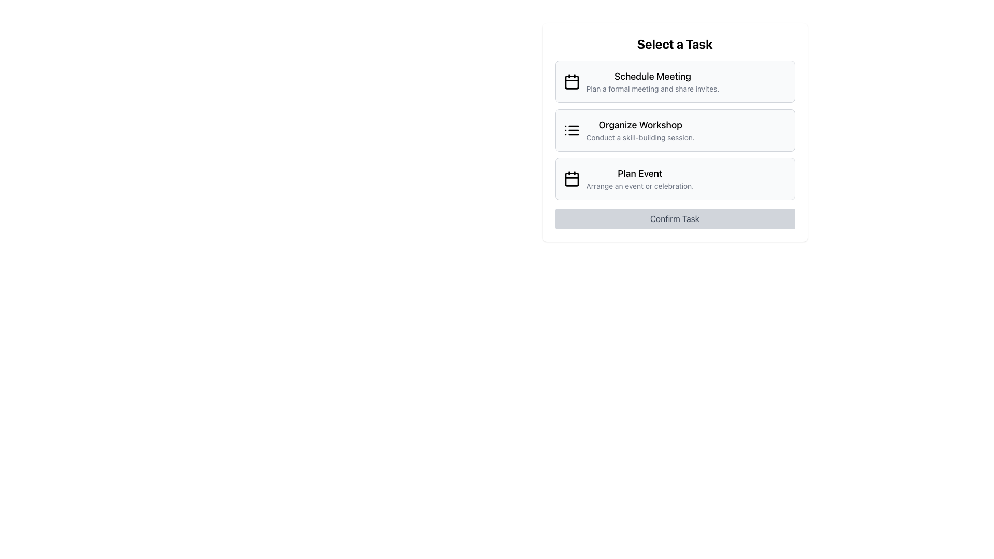 This screenshot has width=994, height=559. Describe the element at coordinates (675, 81) in the screenshot. I see `the first card option in the vertical list under 'Select a Task' to initiate the meeting planning process` at that location.